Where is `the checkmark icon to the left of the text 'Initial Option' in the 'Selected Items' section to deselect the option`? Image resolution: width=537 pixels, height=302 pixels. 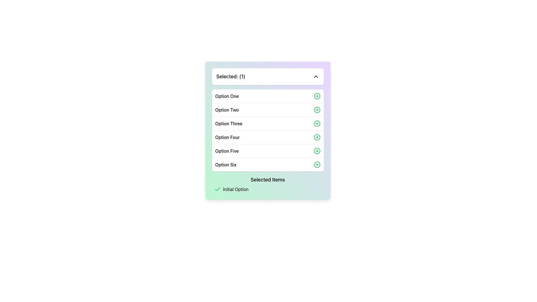 the checkmark icon to the left of the text 'Initial Option' in the 'Selected Items' section to deselect the option is located at coordinates (217, 189).